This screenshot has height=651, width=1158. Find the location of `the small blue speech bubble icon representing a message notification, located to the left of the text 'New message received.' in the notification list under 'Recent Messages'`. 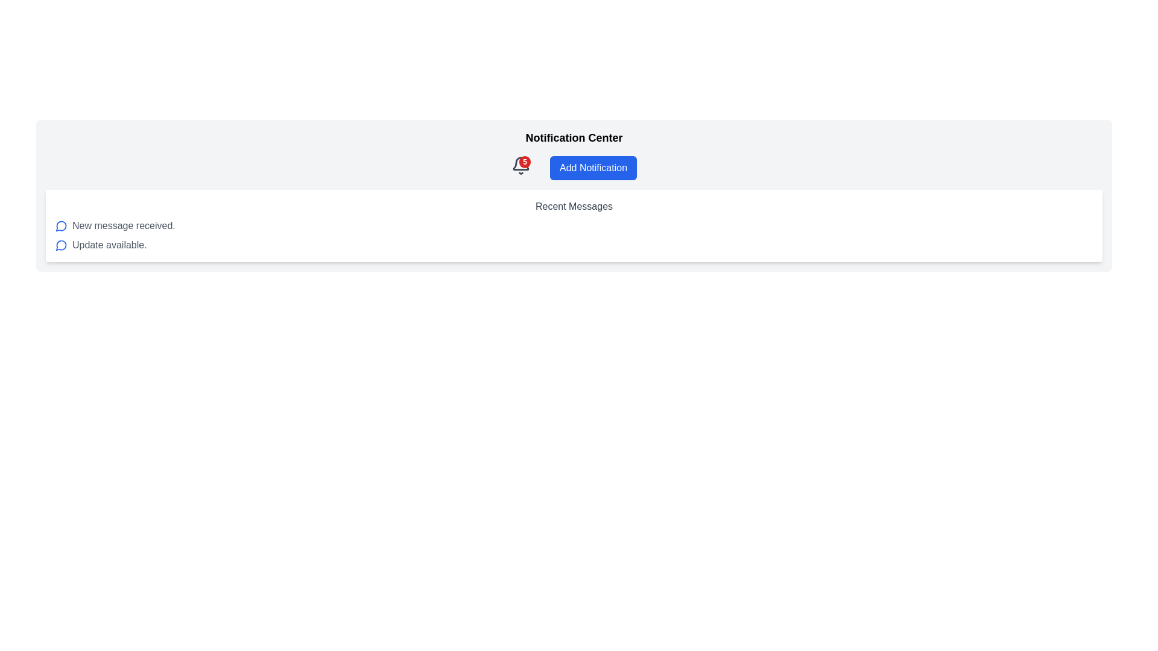

the small blue speech bubble icon representing a message notification, located to the left of the text 'New message received.' in the notification list under 'Recent Messages' is located at coordinates (60, 225).